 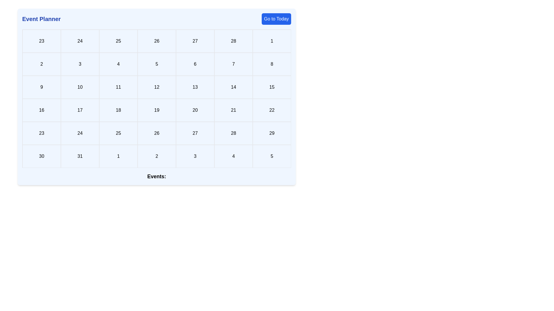 I want to click on the grid cell representing a date or numbered item located in the fourth row, third column of the grid, which is positioned between the cells displaying '17' and '19', so click(x=118, y=110).